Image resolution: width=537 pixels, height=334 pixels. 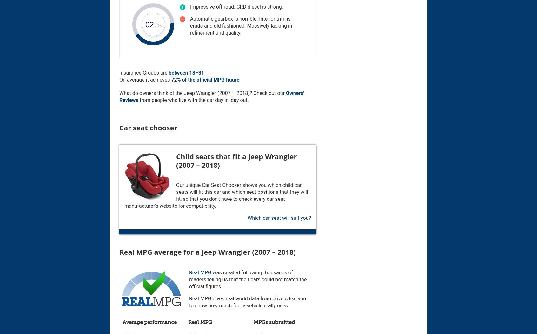 I want to click on 'Real MPG average for a Jeep Wrangler (2007 – 2018)', so click(x=207, y=252).